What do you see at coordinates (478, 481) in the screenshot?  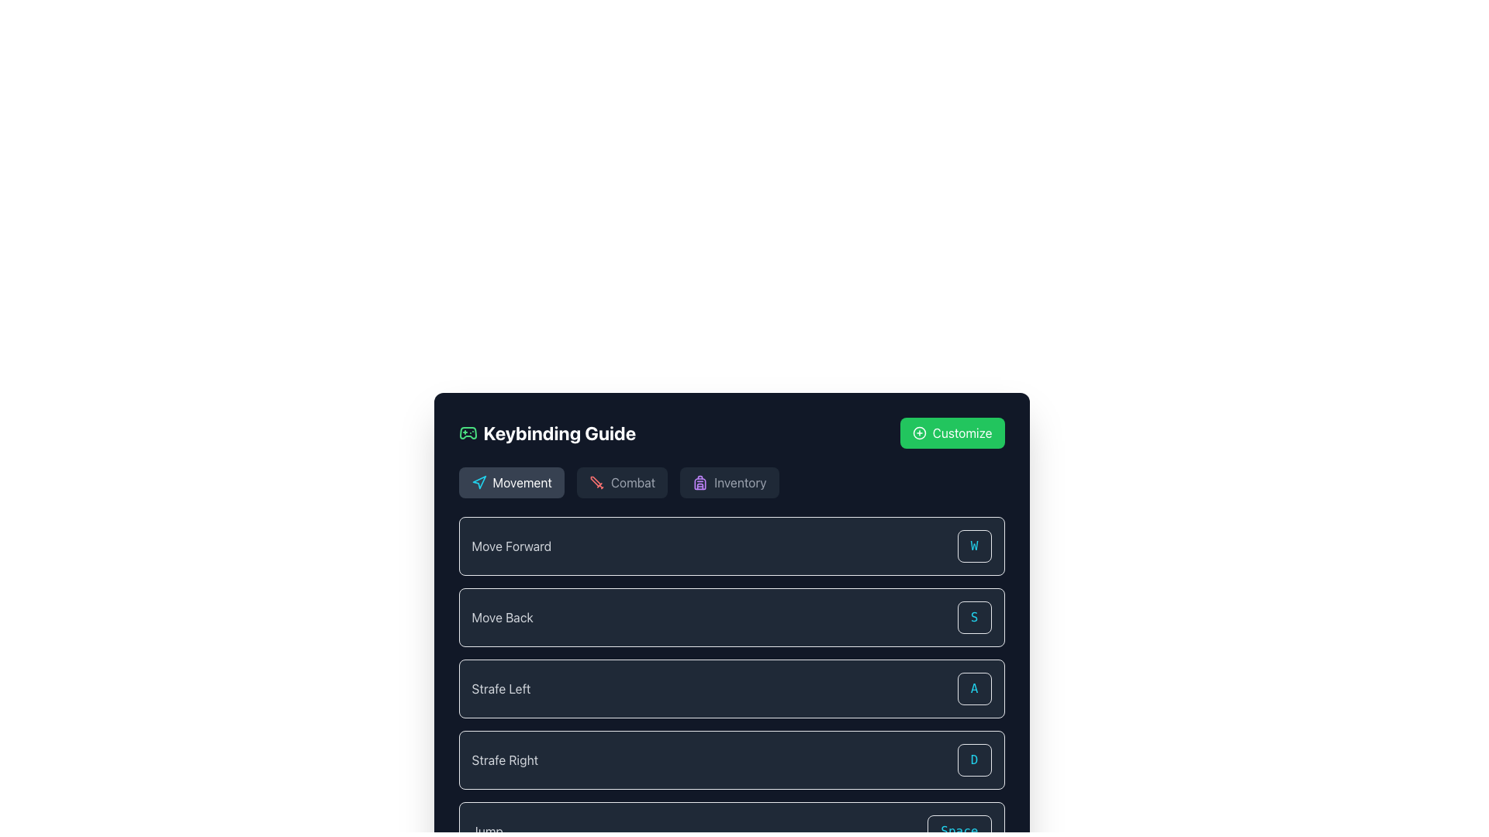 I see `the SVG graphic that represents a marker or direction pointer, located near the top-right corner of the 'Keybinding Guide' menu` at bounding box center [478, 481].